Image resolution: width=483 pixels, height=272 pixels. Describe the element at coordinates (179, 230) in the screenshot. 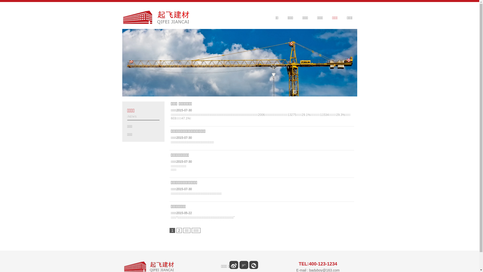

I see `'2'` at that location.